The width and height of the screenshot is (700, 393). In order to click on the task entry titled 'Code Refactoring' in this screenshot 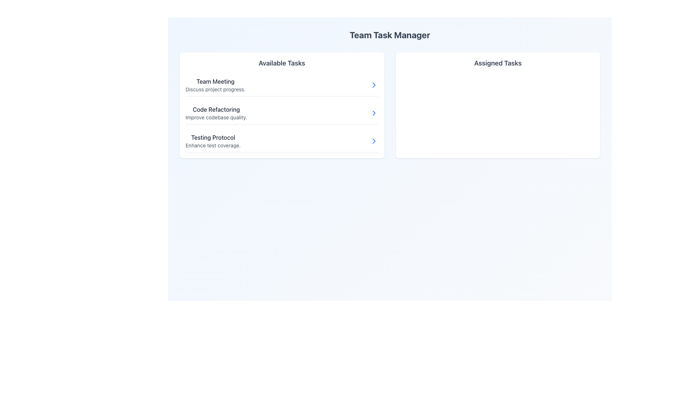, I will do `click(281, 113)`.